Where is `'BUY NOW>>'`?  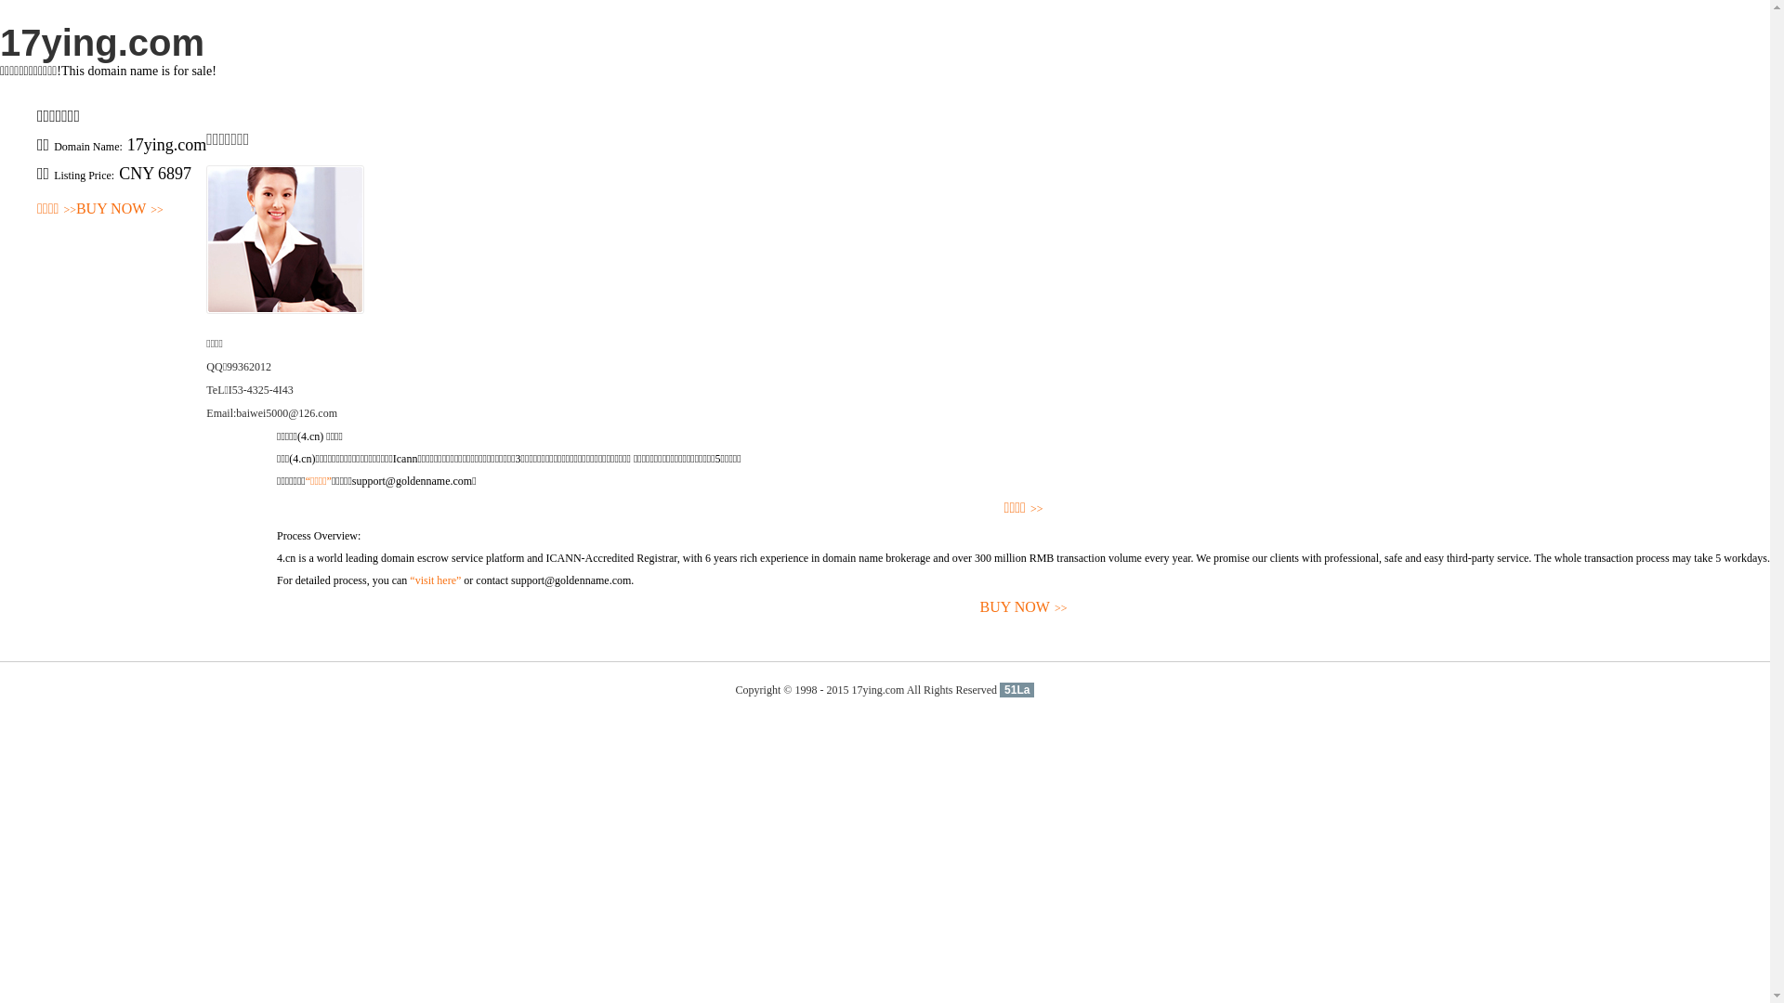 'BUY NOW>>' is located at coordinates (1022, 607).